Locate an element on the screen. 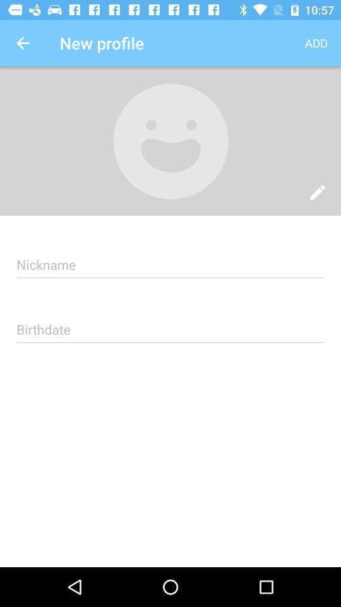 This screenshot has height=607, width=341. the add icon is located at coordinates (316, 43).